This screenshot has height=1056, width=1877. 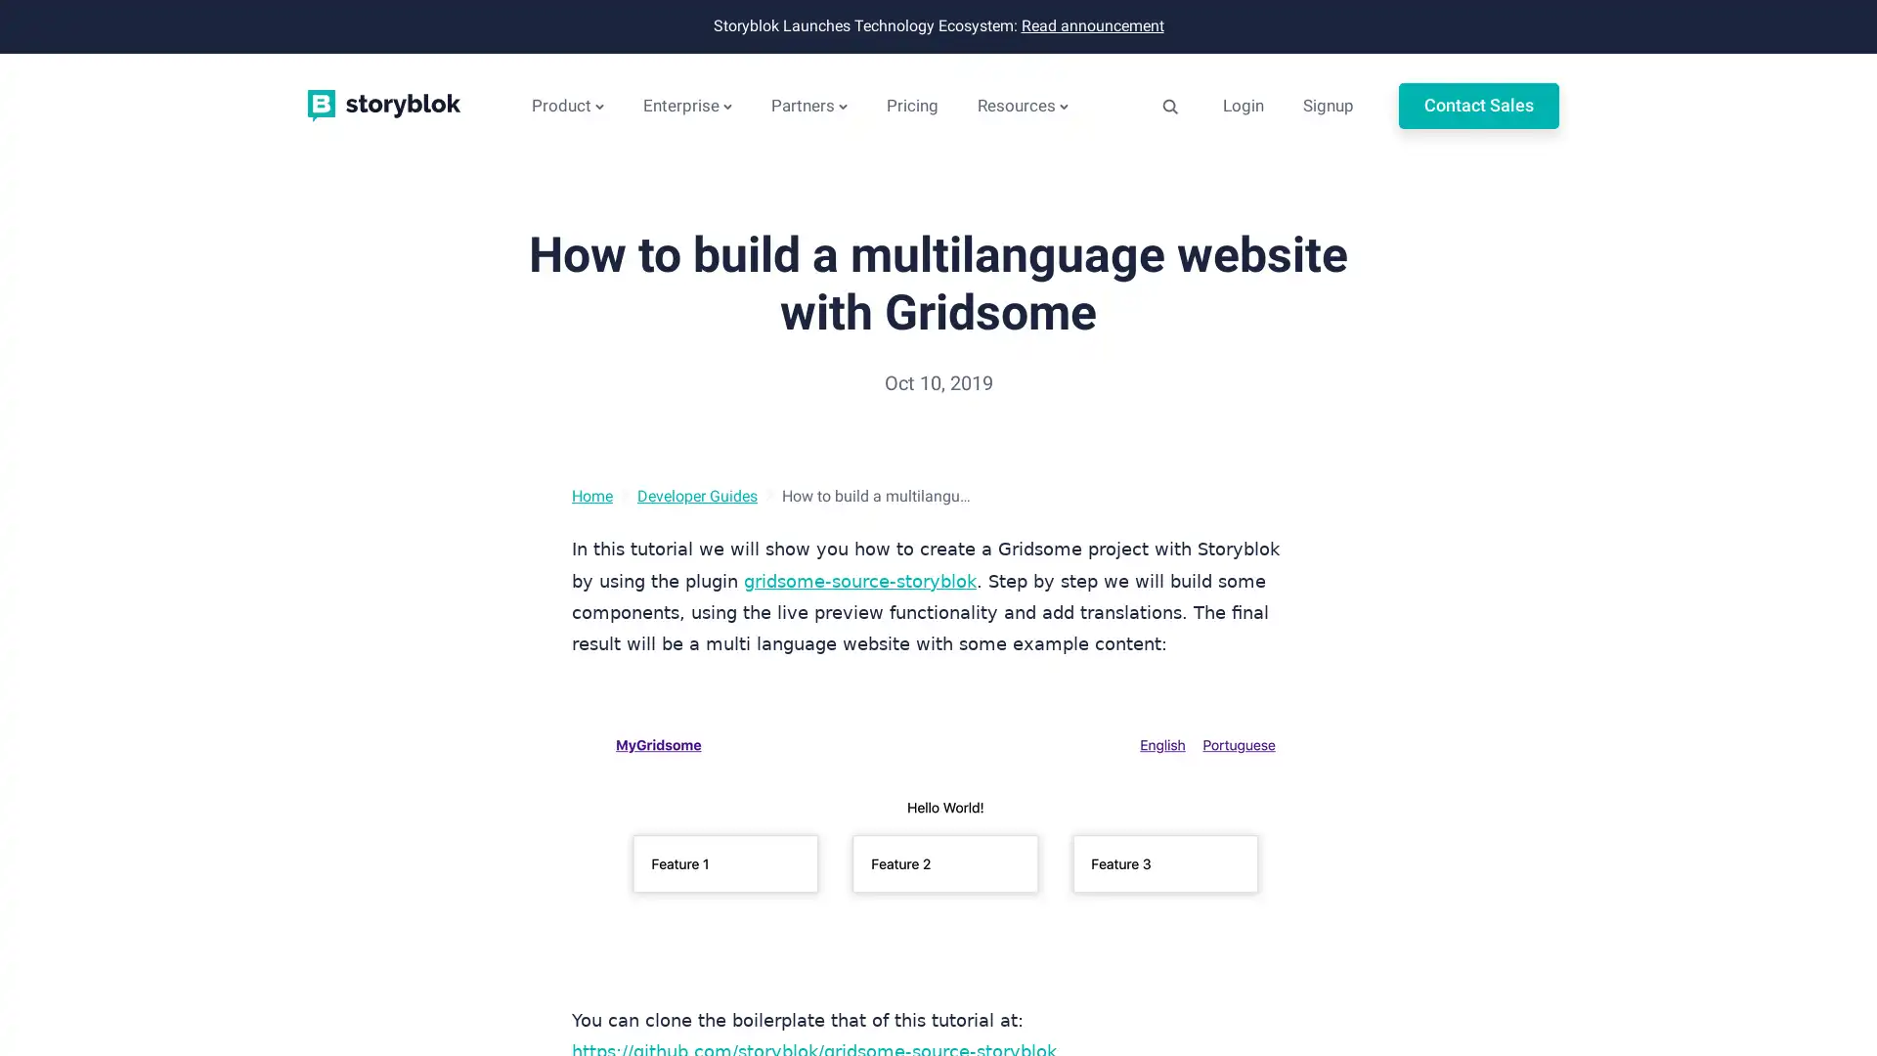 I want to click on Partners, so click(x=809, y=106).